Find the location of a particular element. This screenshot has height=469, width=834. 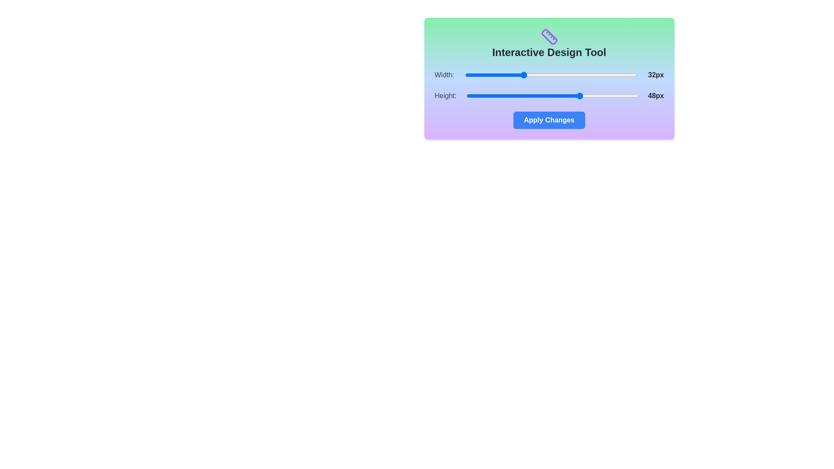

the 'Width' slider to set its value to 17 within the range of 16 to 64 is located at coordinates (468, 75).